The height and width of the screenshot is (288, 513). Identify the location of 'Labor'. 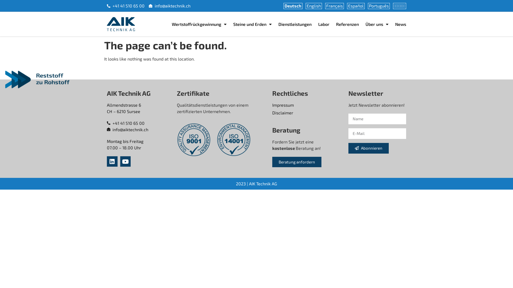
(318, 24).